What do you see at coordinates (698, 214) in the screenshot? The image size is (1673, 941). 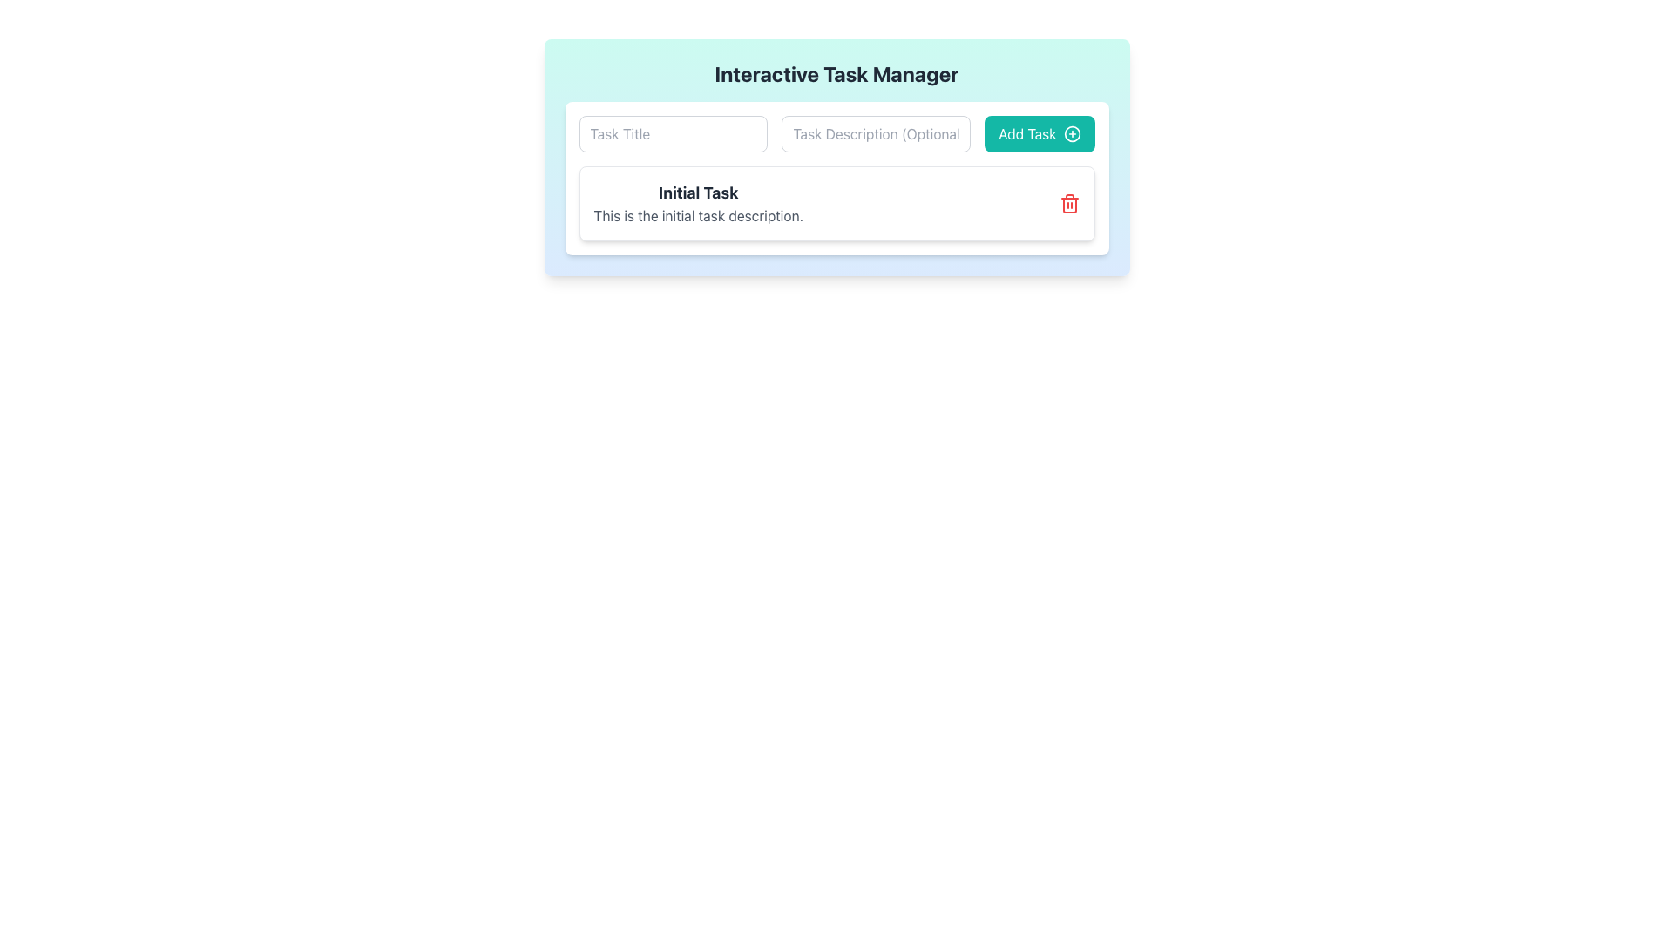 I see `the text label stating 'This is the initial task description.' which is styled in gray and positioned below the bold title 'Initial Task'` at bounding box center [698, 214].